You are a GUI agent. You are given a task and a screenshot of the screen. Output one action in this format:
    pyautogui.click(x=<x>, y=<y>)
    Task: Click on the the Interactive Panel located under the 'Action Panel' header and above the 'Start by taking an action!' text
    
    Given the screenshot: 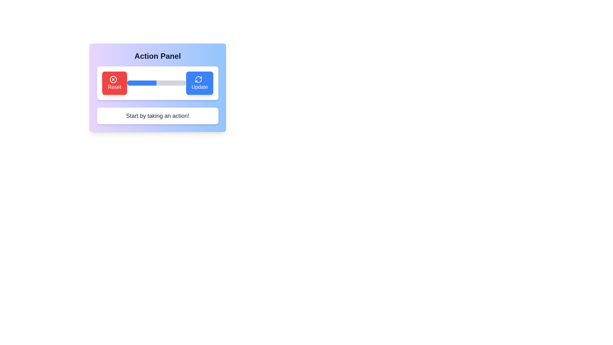 What is the action you would take?
    pyautogui.click(x=158, y=87)
    